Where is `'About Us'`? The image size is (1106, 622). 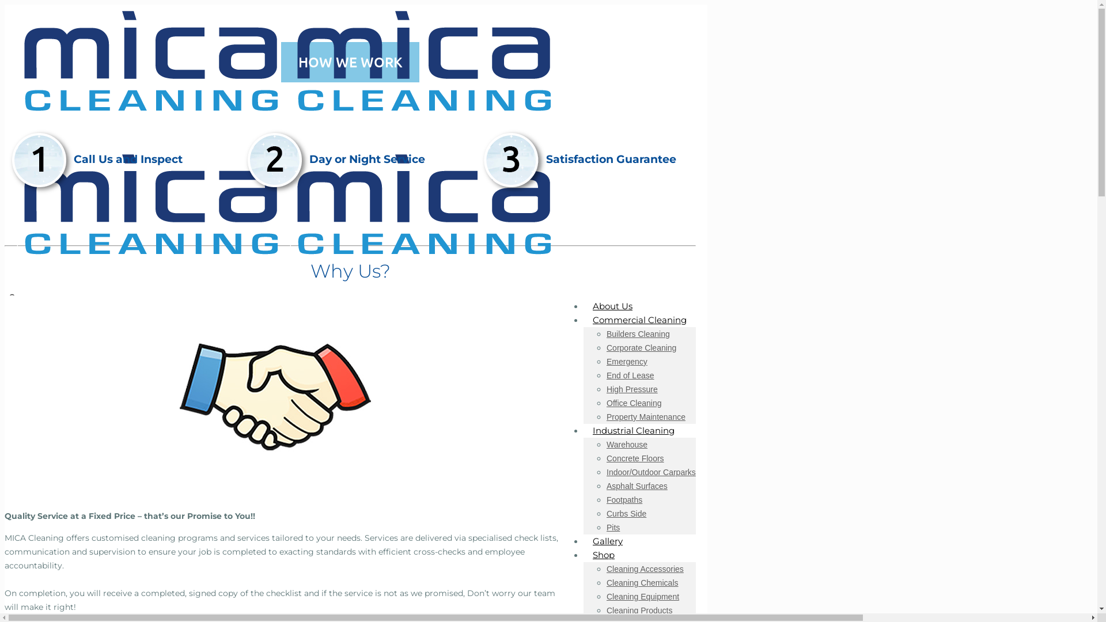 'About Us' is located at coordinates (612, 305).